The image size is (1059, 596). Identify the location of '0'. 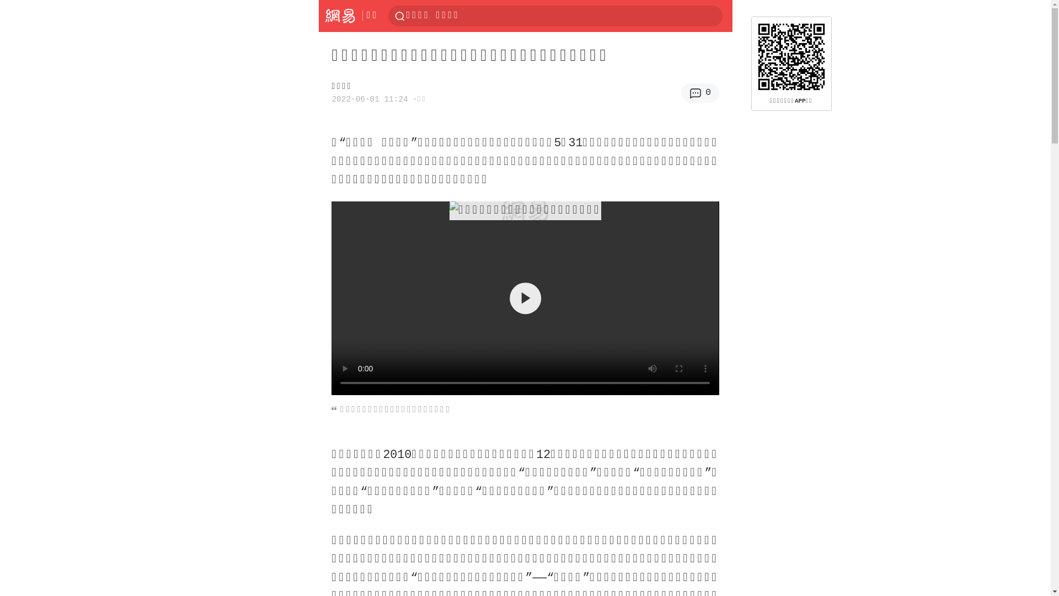
(699, 92).